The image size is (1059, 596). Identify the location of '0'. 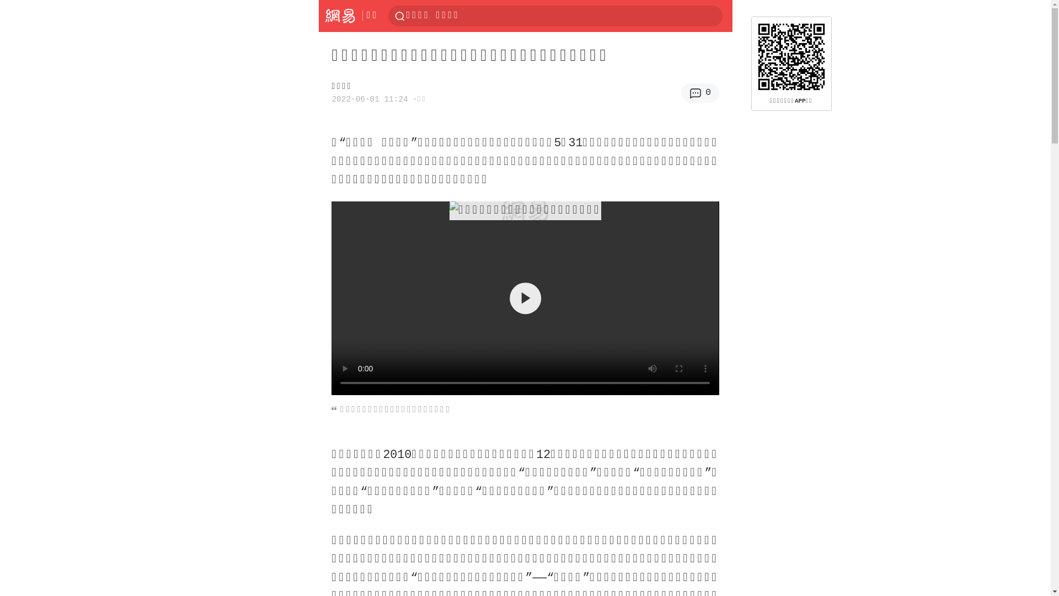
(699, 92).